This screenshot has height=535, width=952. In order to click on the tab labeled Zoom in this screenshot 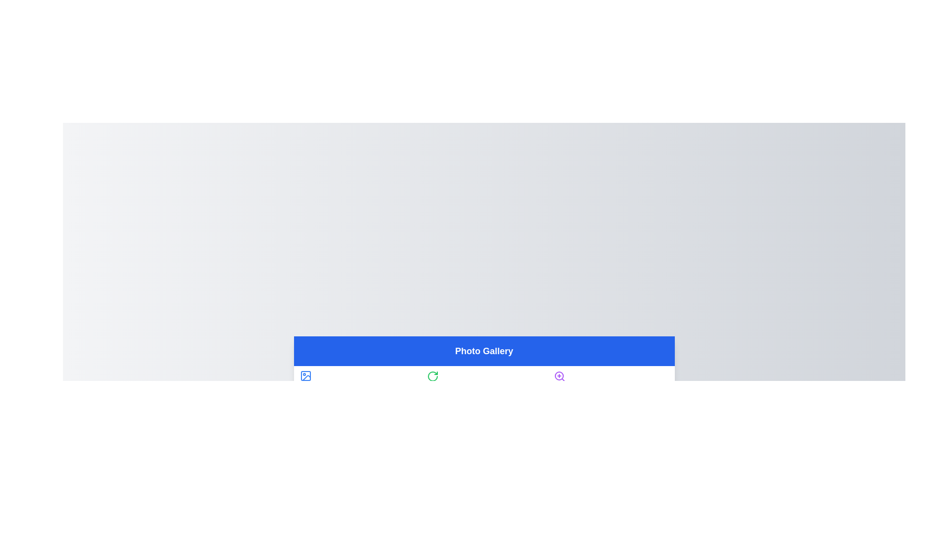, I will do `click(610, 381)`.